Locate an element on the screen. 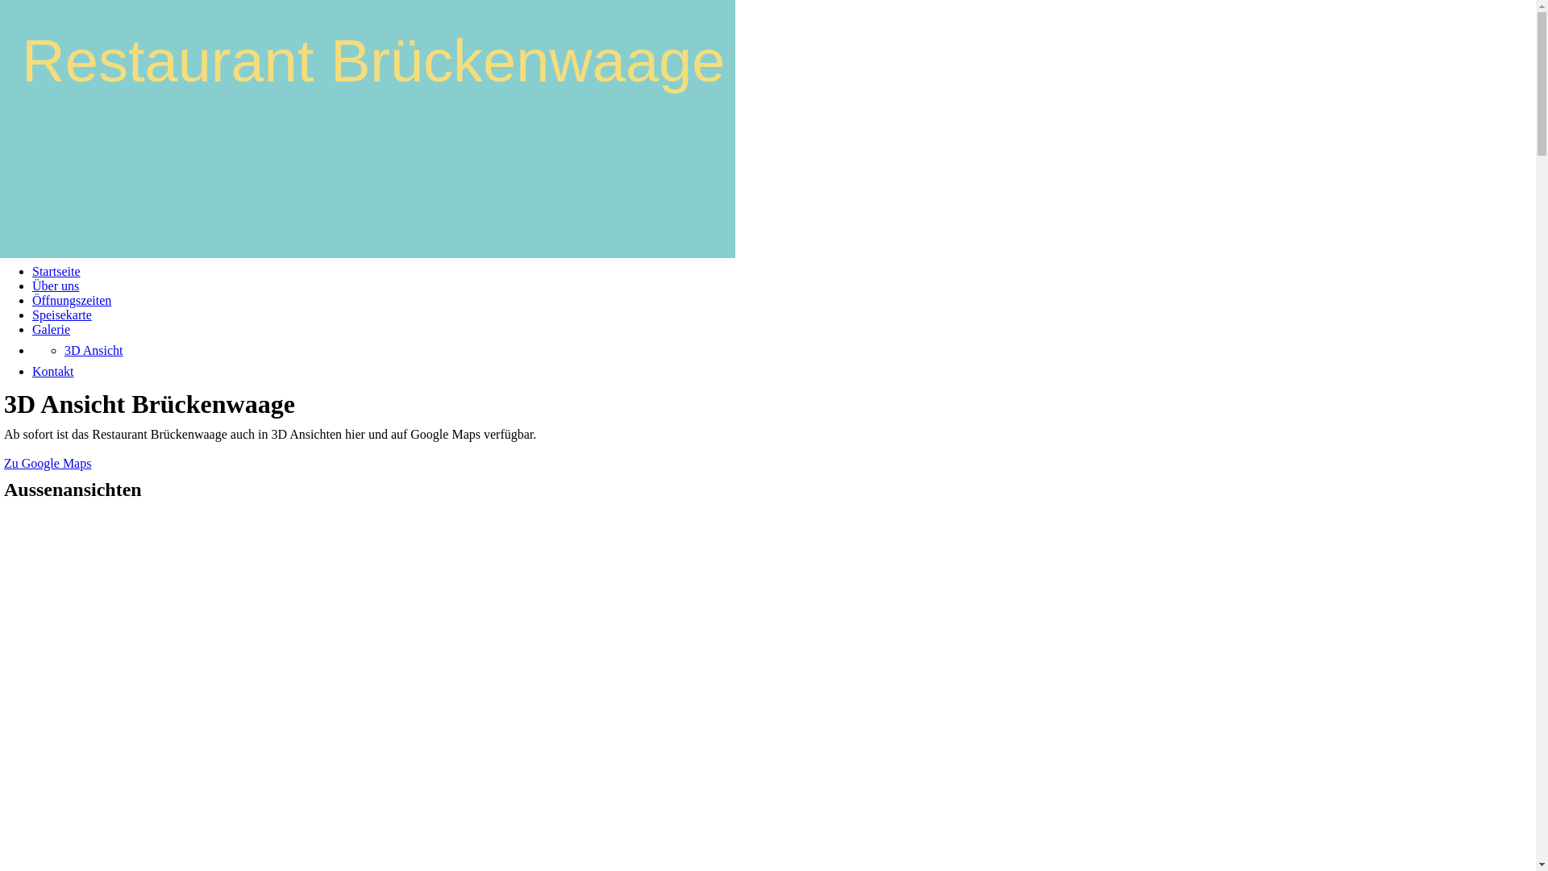  'Speisekarte' is located at coordinates (61, 315).